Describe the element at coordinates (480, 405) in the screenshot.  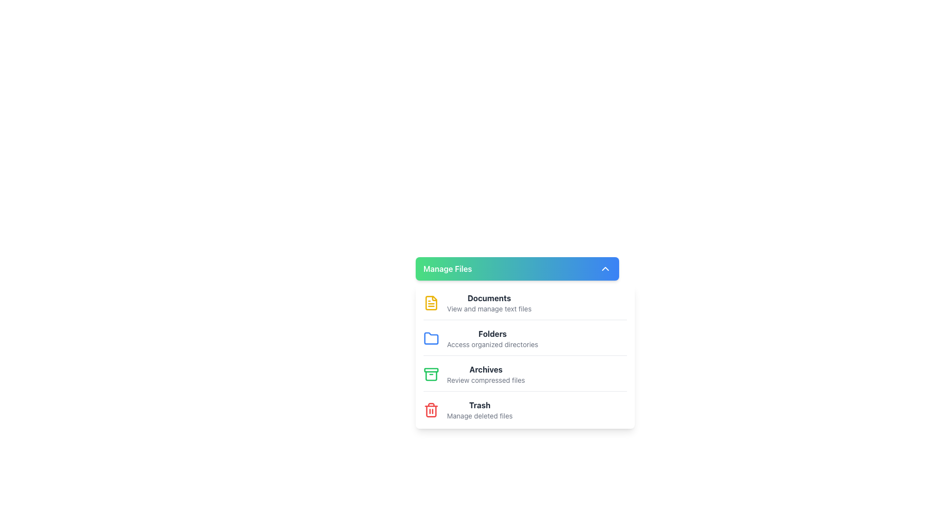
I see `the bold text label displaying 'Trash' in dark gray color, which is the last option in the vertical list of items` at that location.